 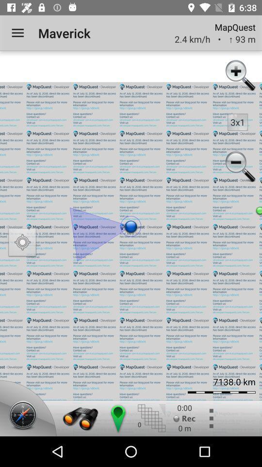 What do you see at coordinates (22, 243) in the screenshot?
I see `icon on the left` at bounding box center [22, 243].